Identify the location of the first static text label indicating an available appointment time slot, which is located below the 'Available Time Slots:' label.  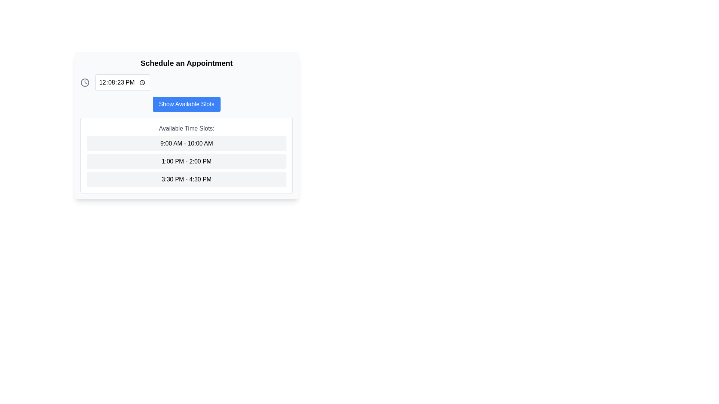
(186, 144).